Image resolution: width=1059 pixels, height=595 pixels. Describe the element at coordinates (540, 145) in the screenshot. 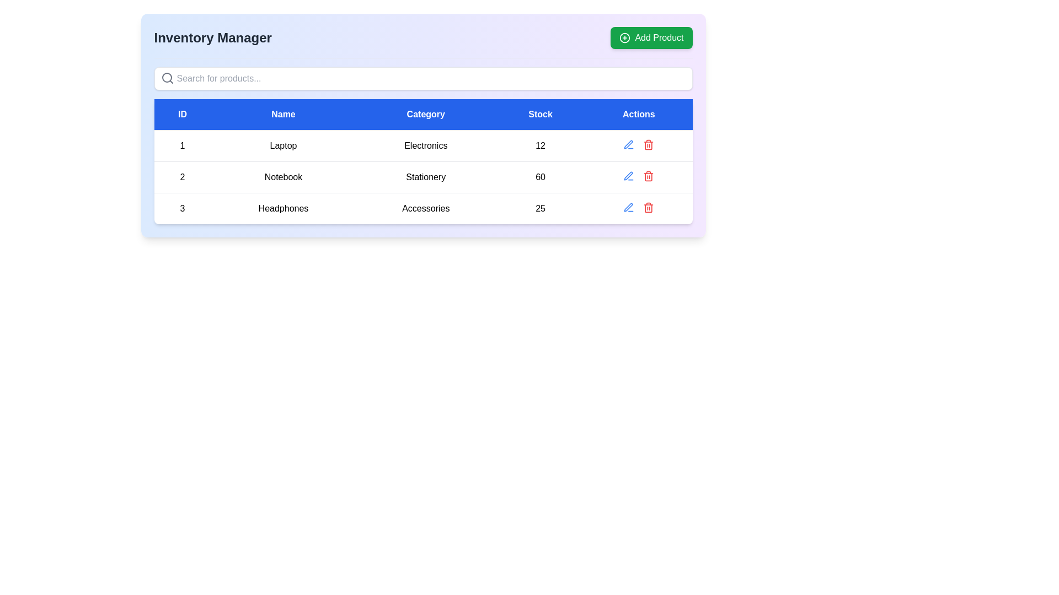

I see `the textual display showing the number '12' in the 'Stock' column of the first row in the table` at that location.